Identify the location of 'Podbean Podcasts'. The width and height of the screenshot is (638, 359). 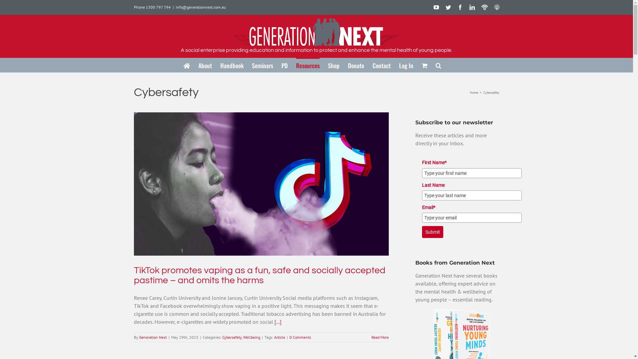
(484, 7).